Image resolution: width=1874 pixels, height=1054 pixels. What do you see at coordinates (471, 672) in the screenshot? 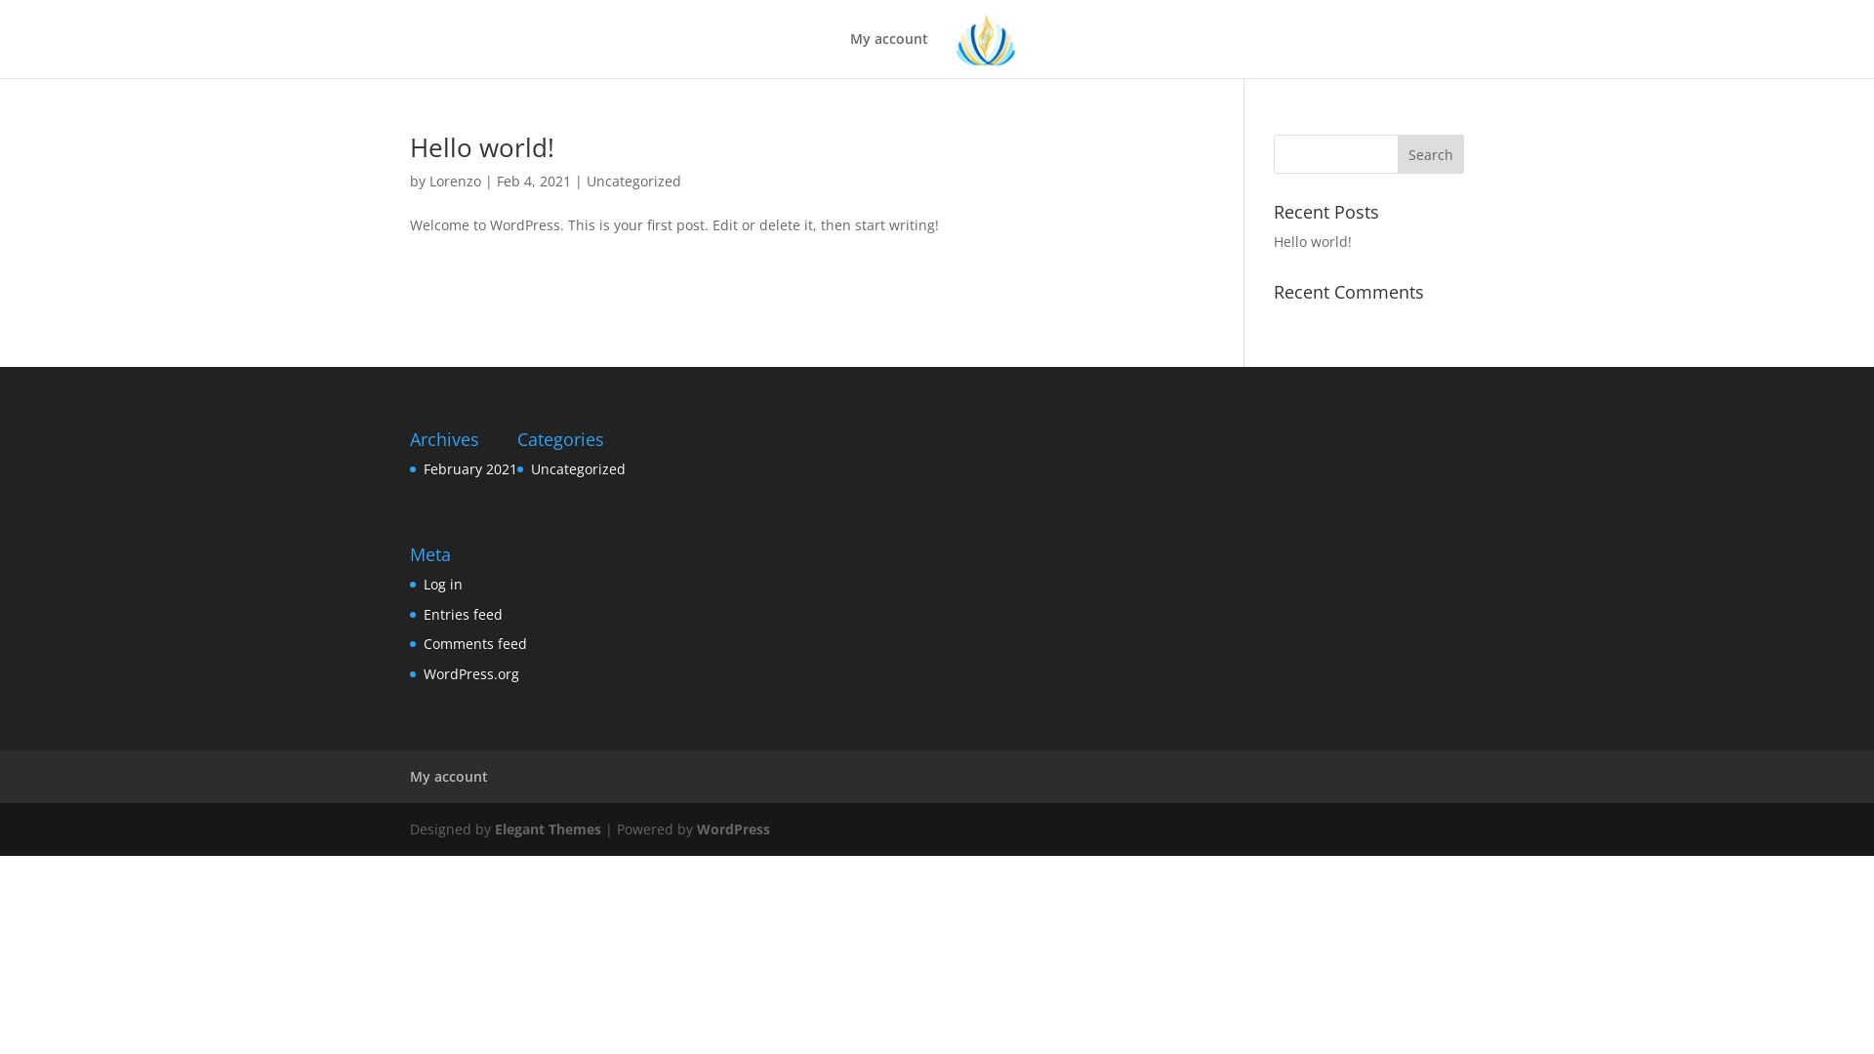
I see `'WordPress.org'` at bounding box center [471, 672].